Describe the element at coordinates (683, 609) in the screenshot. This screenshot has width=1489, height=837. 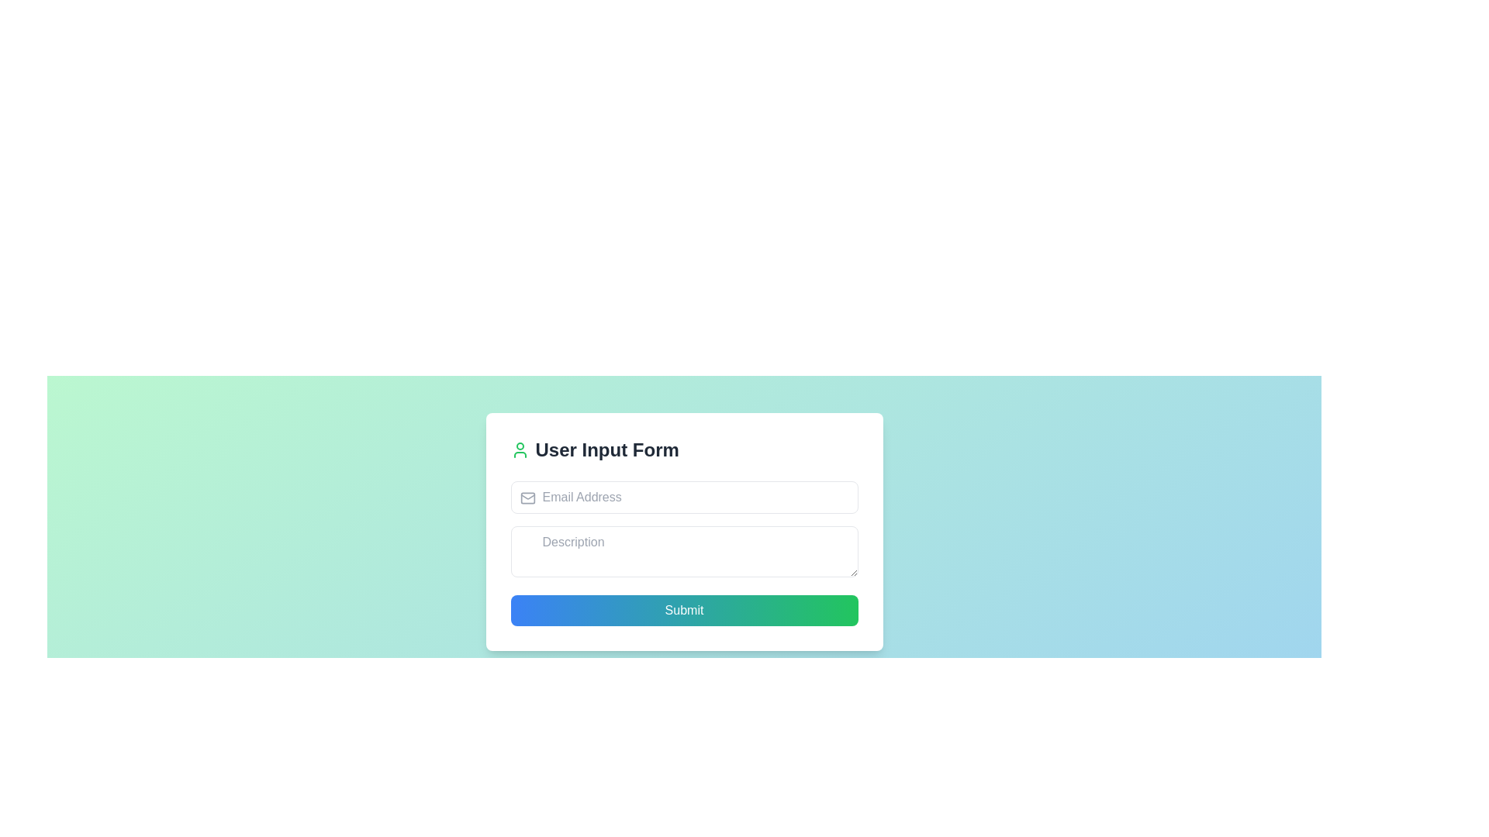
I see `the submission button located at the bottom of the form, directly underneath the 'Description' text input field` at that location.